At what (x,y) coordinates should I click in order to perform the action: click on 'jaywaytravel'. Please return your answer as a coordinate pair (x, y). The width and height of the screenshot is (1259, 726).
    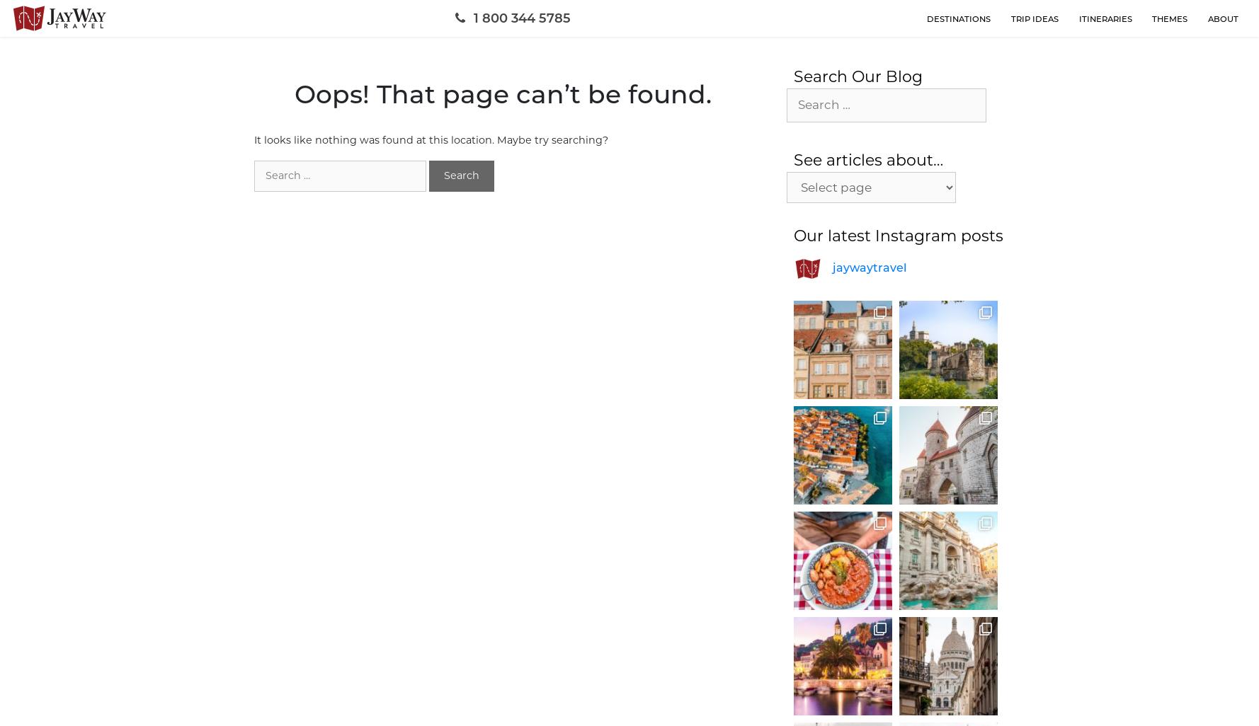
    Looking at the image, I should click on (869, 266).